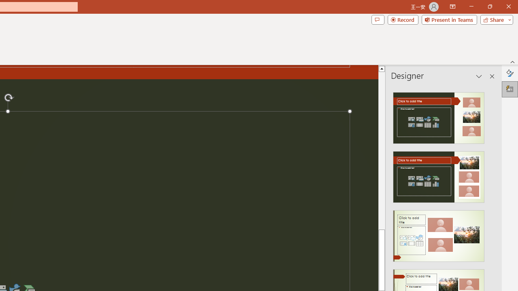 Image resolution: width=518 pixels, height=291 pixels. What do you see at coordinates (438, 116) in the screenshot?
I see `'Recommended Design: Design Idea'` at bounding box center [438, 116].